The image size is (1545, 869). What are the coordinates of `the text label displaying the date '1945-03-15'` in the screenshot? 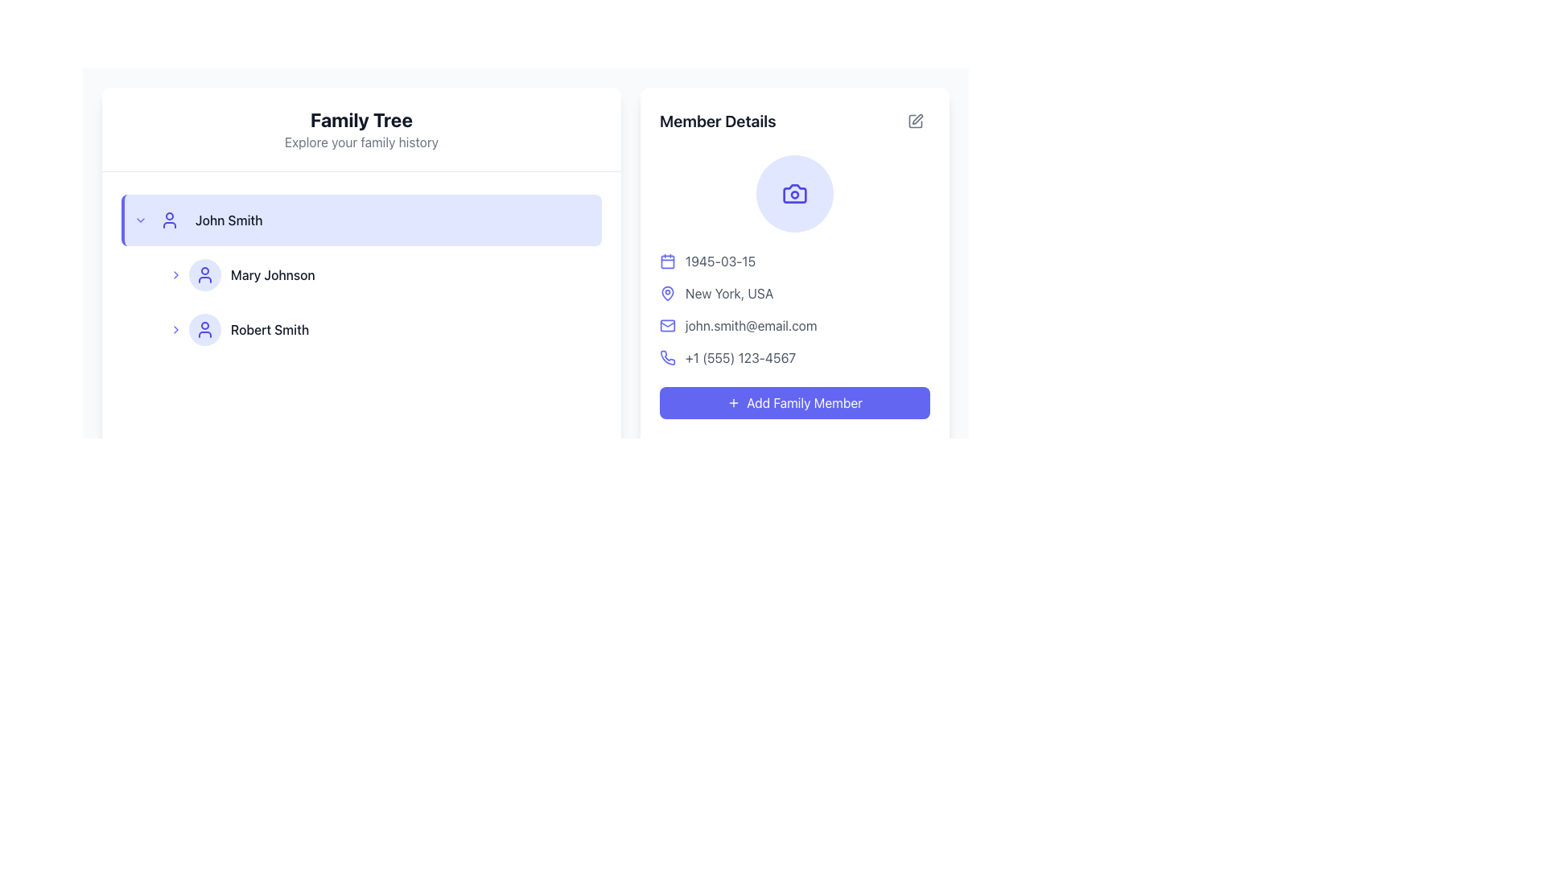 It's located at (719, 260).